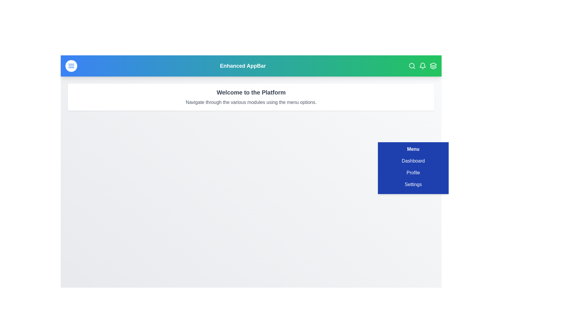 Image resolution: width=566 pixels, height=318 pixels. Describe the element at coordinates (412, 66) in the screenshot. I see `the search icon` at that location.